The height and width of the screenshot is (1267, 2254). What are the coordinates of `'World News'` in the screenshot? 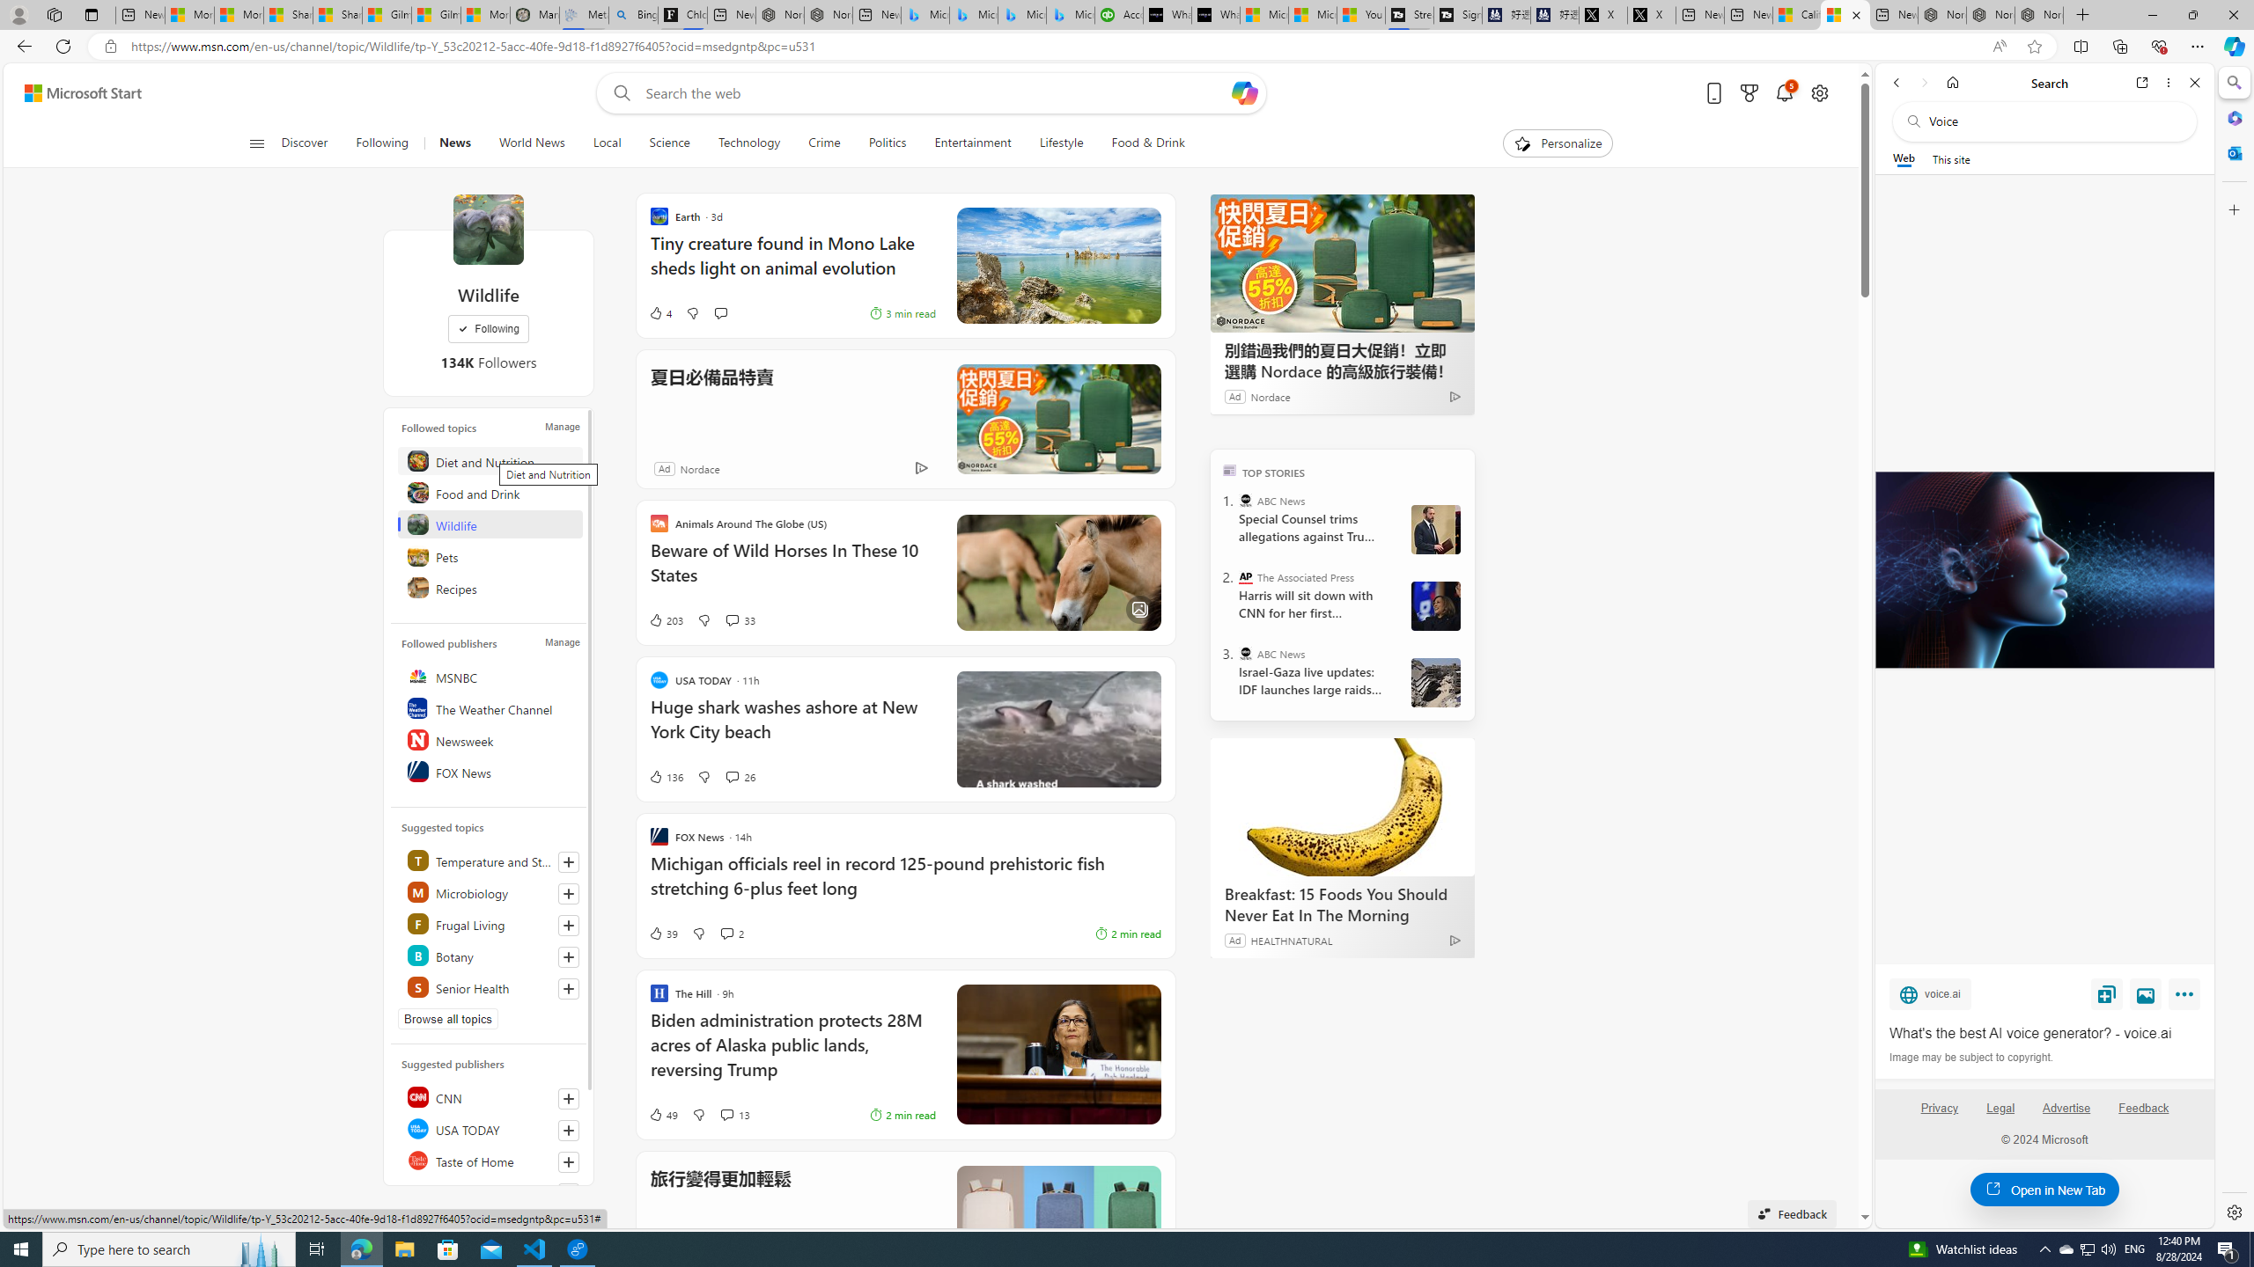 It's located at (531, 143).